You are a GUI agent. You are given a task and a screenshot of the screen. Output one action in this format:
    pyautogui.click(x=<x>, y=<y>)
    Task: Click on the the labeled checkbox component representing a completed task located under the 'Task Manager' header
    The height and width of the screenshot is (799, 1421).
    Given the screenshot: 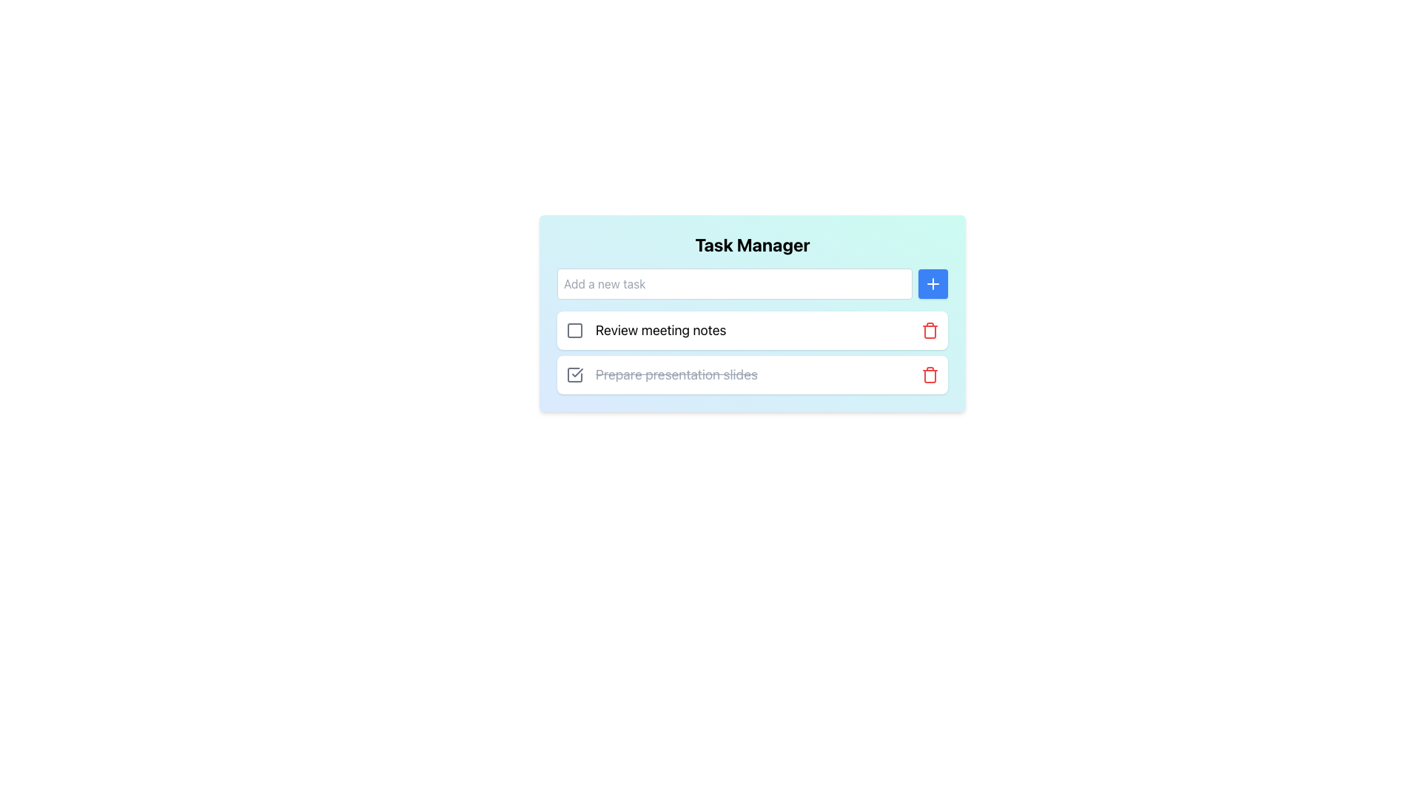 What is the action you would take?
    pyautogui.click(x=661, y=374)
    